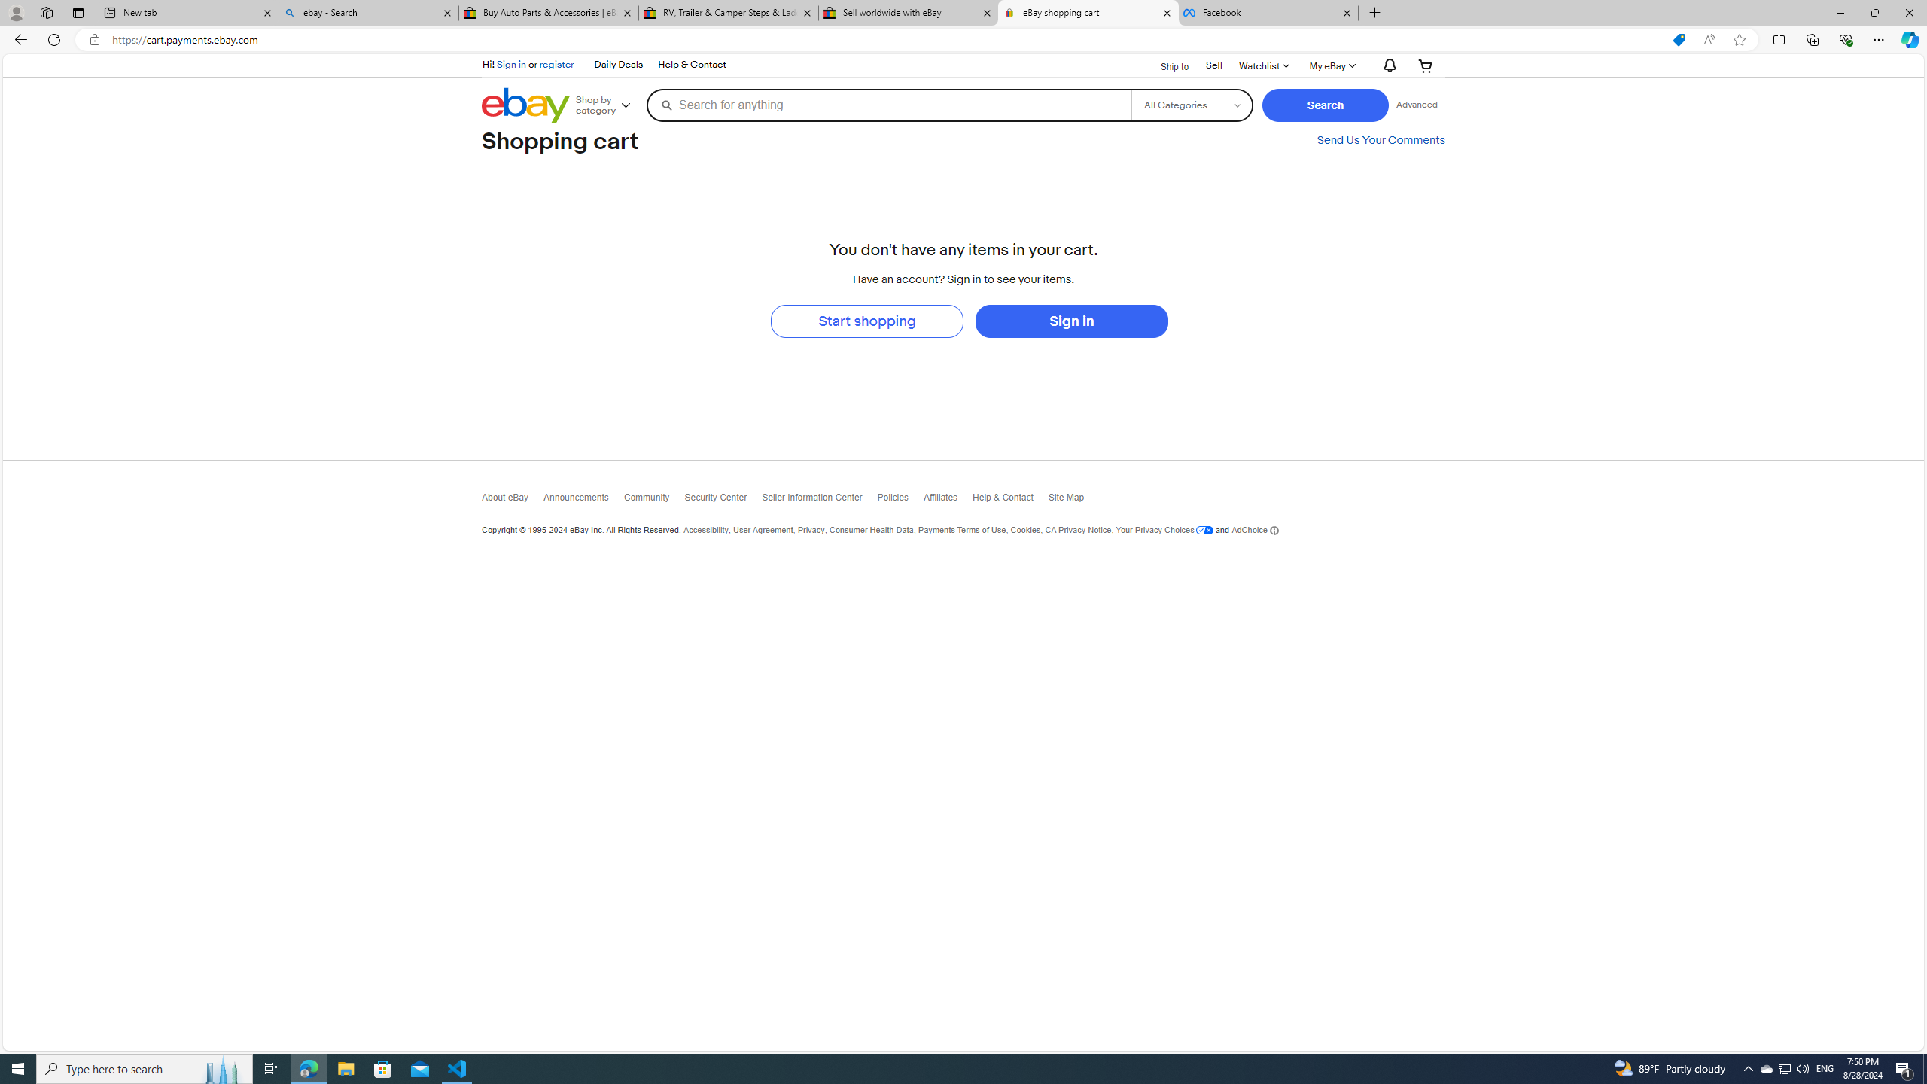 The height and width of the screenshot is (1084, 1927). Describe the element at coordinates (723, 499) in the screenshot. I see `'Security Center'` at that location.